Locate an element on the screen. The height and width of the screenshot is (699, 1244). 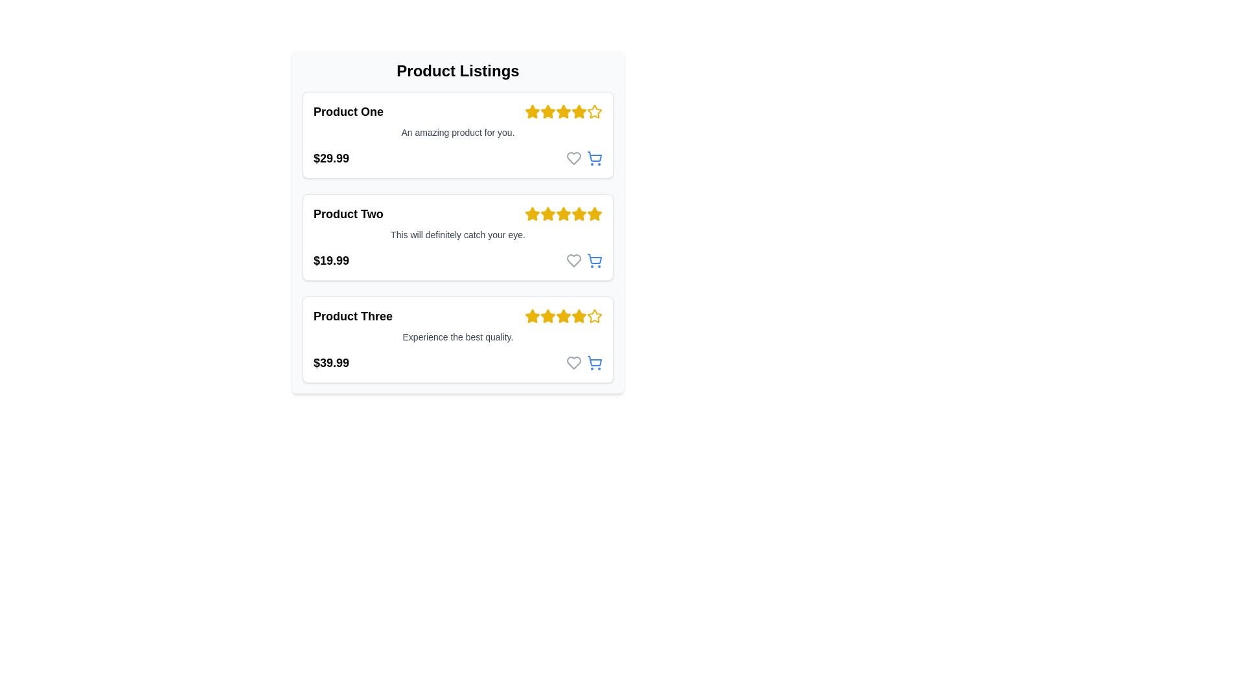
the third star in the rating system for 'Product Two' is located at coordinates (563, 213).